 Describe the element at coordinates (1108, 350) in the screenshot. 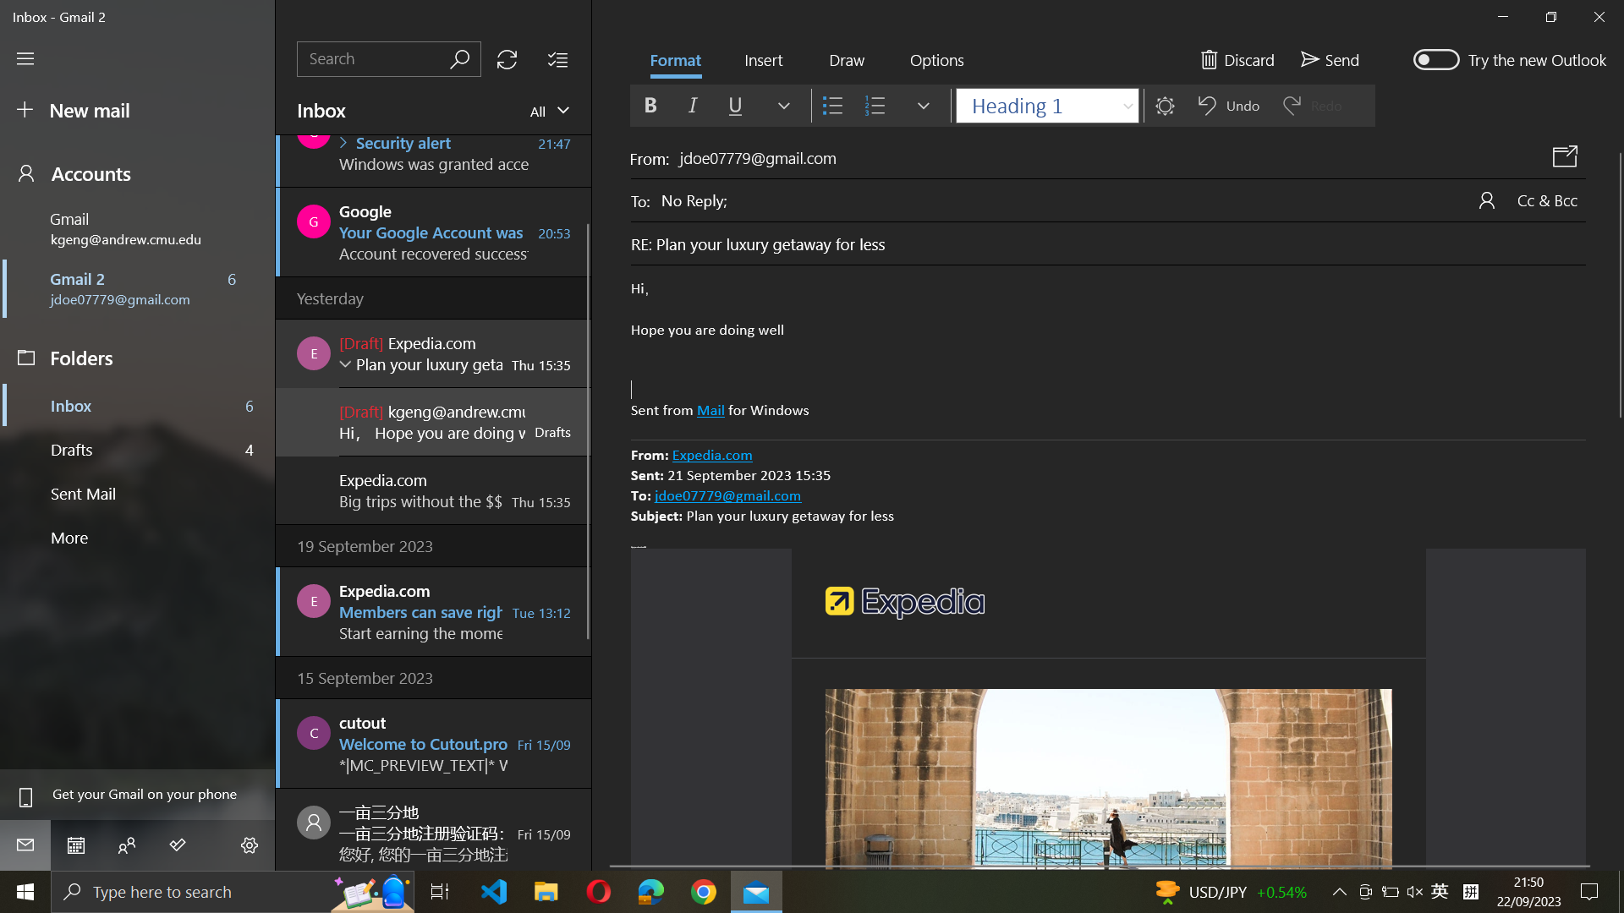

I see `underline formatting to the whole text in a mail` at that location.